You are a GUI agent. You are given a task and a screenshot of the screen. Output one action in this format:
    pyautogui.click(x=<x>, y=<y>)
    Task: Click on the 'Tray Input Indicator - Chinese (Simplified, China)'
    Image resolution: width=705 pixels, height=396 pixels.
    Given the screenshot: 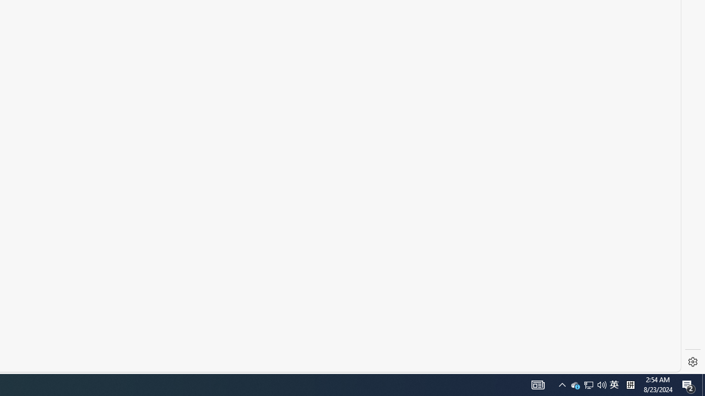 What is the action you would take?
    pyautogui.click(x=630, y=384)
    